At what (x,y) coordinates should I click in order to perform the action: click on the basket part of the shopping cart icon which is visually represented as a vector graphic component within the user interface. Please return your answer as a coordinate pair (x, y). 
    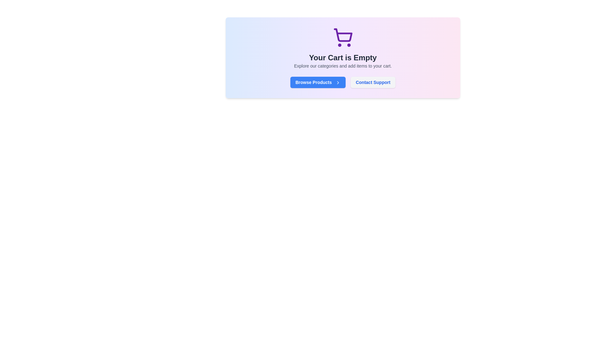
    Looking at the image, I should click on (342, 35).